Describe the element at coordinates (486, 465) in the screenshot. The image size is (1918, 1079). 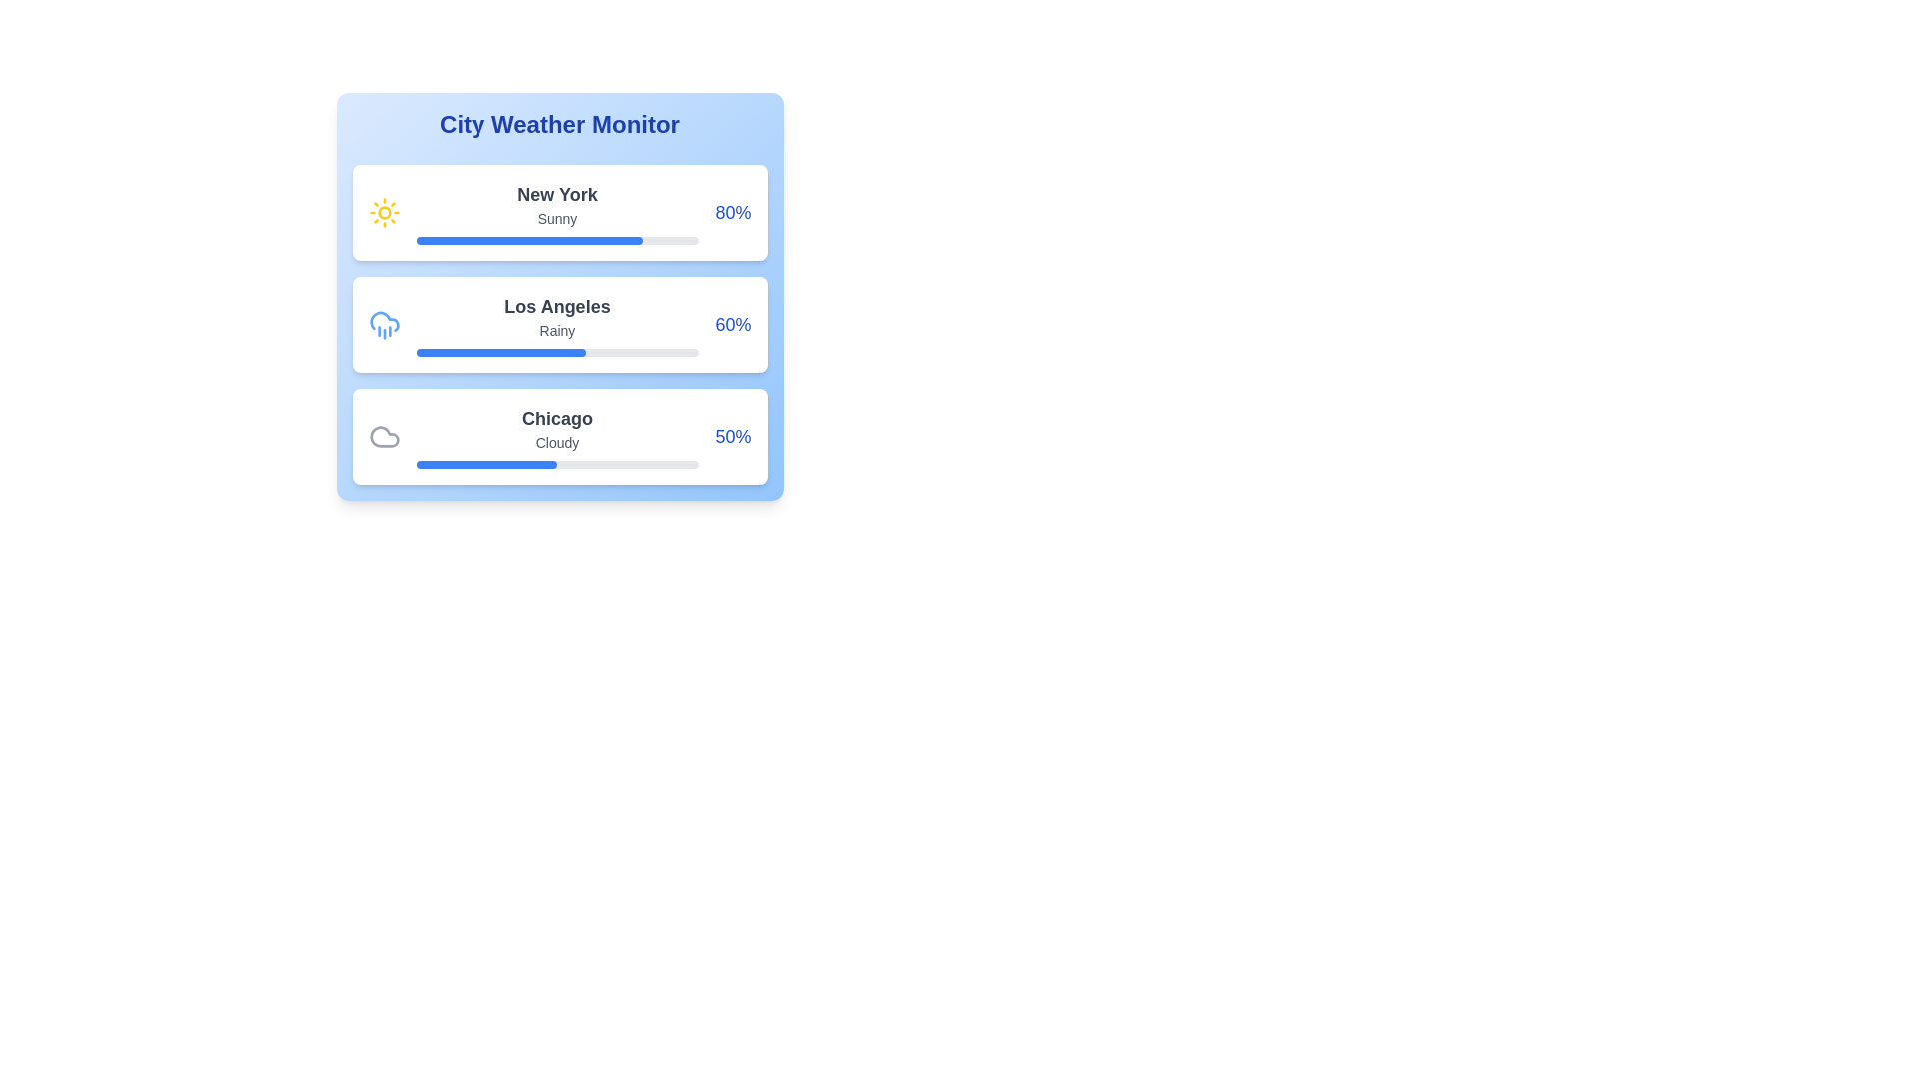
I see `the filled portion of the blue progress bar located in the third progress bar of the 'Chicago' card within the 'City Weather Monitor' section` at that location.